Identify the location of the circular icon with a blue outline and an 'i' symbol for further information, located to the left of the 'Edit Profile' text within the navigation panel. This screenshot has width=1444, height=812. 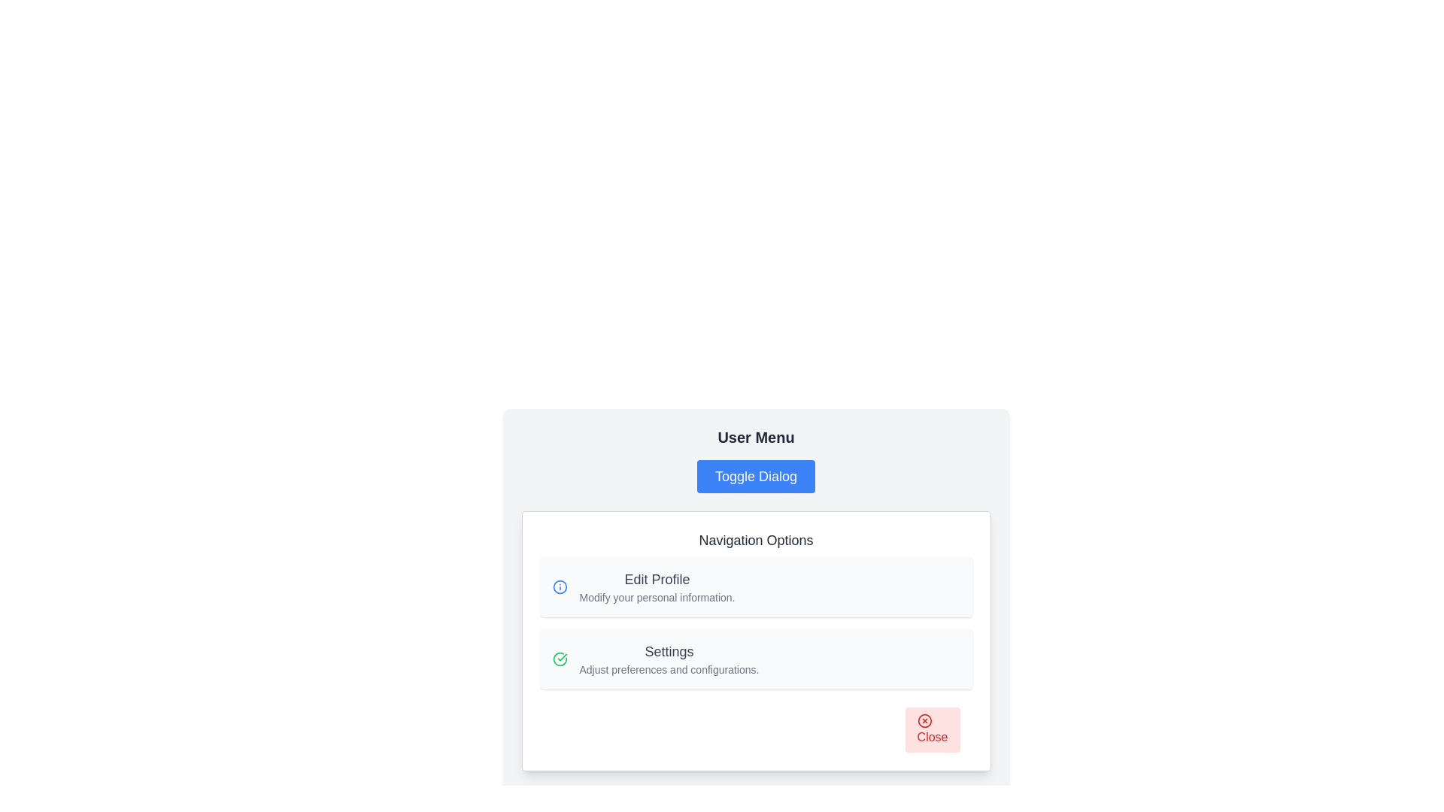
(559, 586).